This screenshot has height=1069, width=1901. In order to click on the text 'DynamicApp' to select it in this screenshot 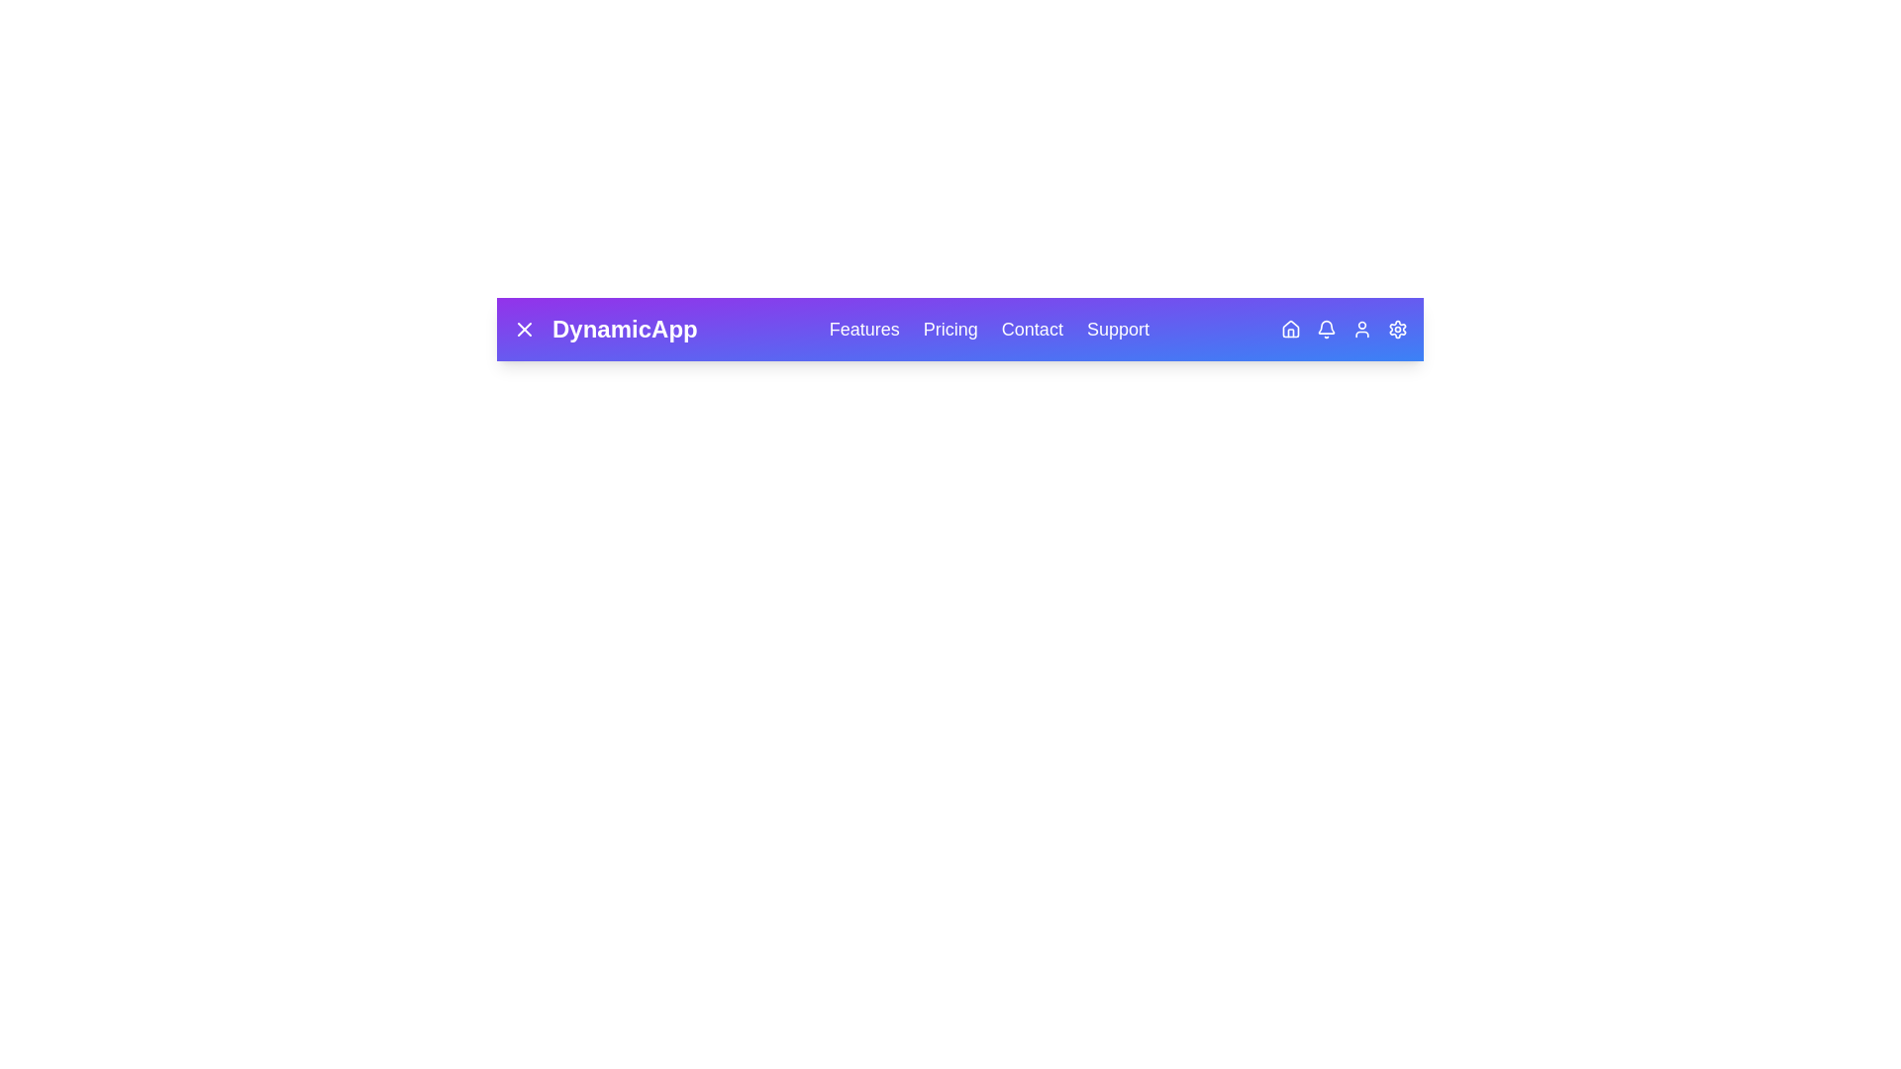, I will do `click(603, 328)`.